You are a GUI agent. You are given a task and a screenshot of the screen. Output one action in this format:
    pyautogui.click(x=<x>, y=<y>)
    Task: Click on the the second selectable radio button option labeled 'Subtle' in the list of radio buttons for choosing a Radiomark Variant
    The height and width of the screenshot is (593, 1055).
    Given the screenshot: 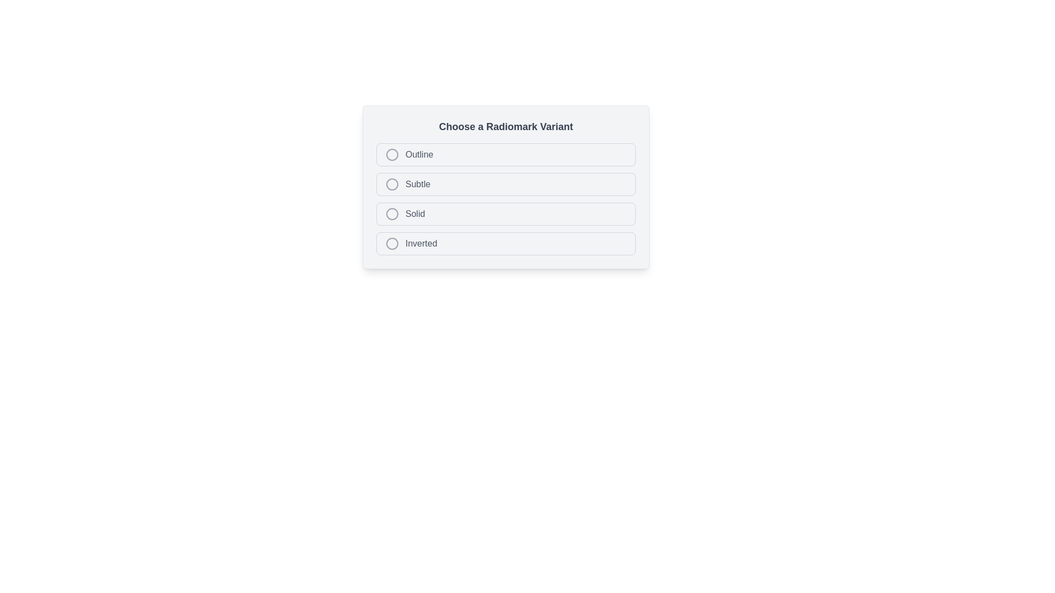 What is the action you would take?
    pyautogui.click(x=506, y=186)
    